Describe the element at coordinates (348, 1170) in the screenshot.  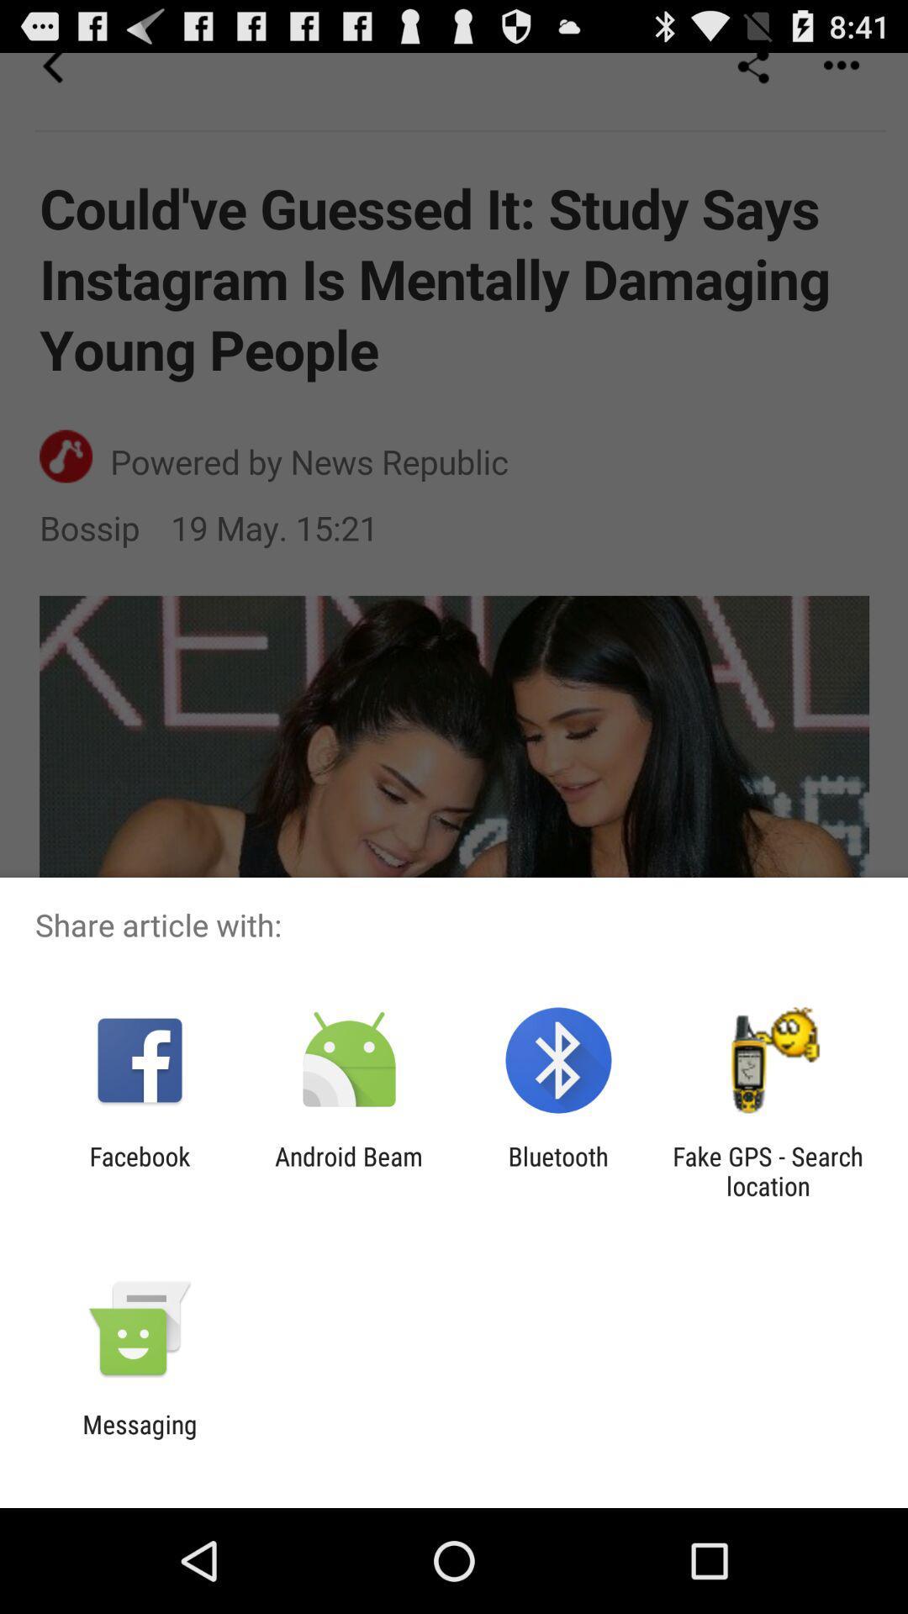
I see `app to the right of facebook app` at that location.